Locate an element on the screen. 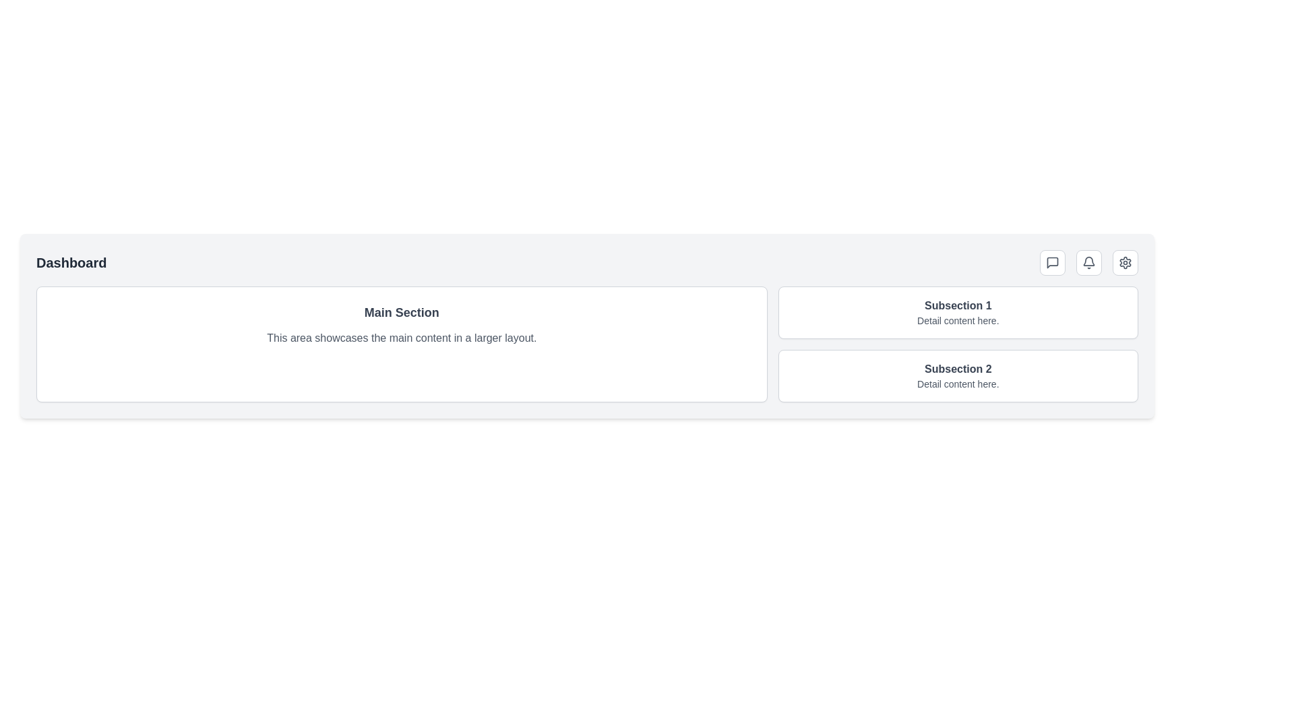  the speech bubble icon located in the top-right corner of the interface is located at coordinates (1051, 262).